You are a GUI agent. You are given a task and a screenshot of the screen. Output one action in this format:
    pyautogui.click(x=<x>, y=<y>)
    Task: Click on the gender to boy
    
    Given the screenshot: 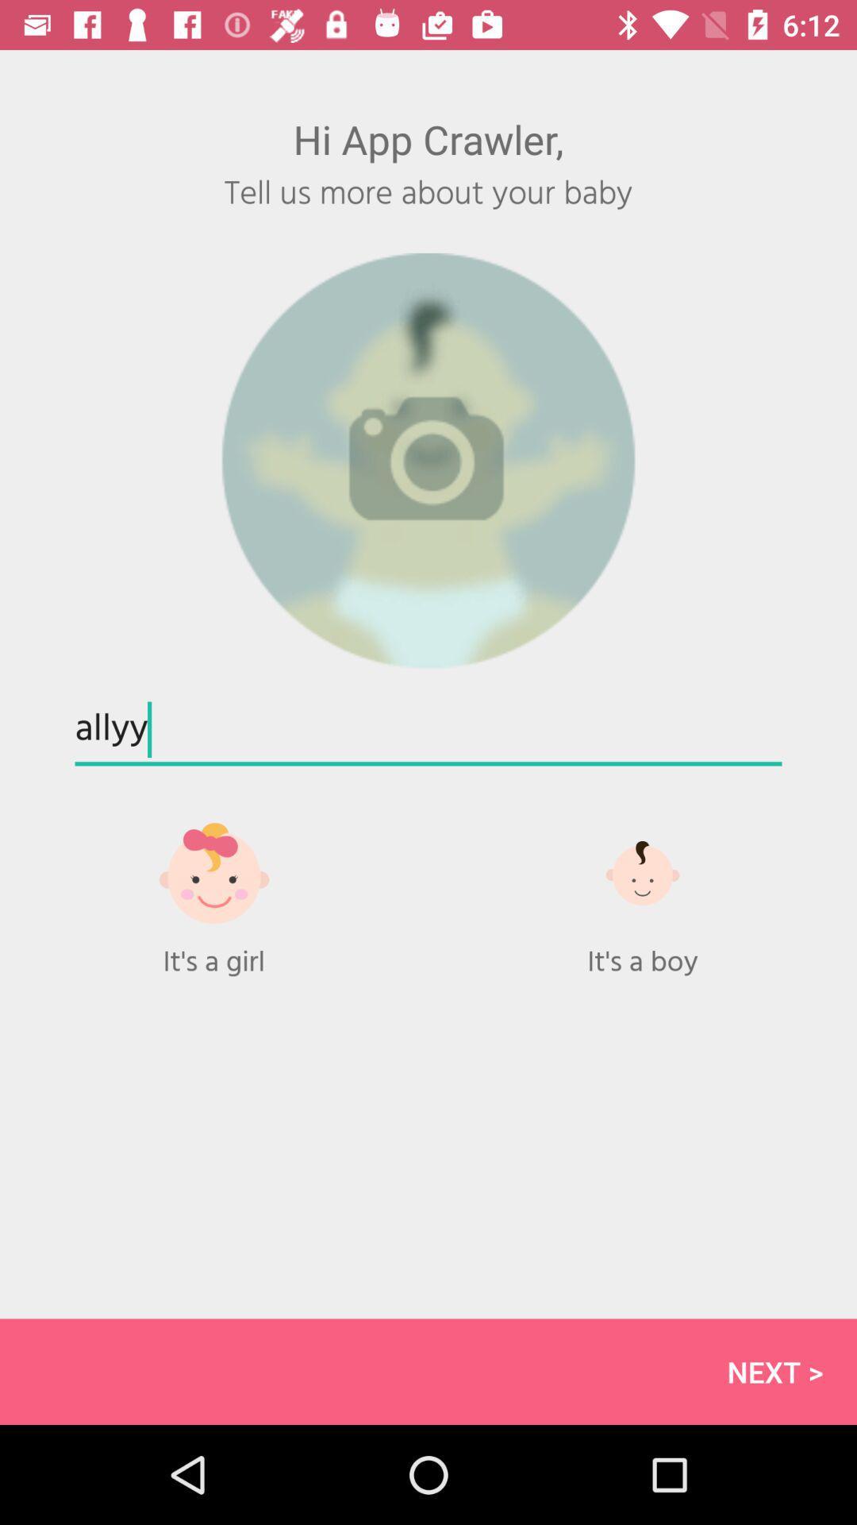 What is the action you would take?
    pyautogui.click(x=643, y=872)
    